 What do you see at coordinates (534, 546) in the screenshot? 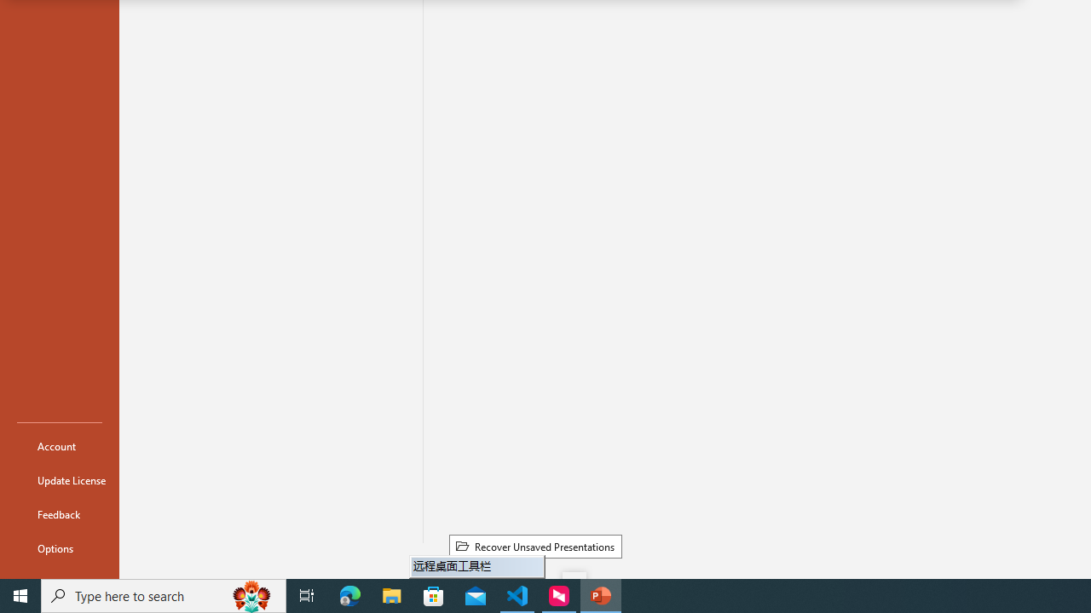
I see `'Recover Unsaved Presentations'` at bounding box center [534, 546].